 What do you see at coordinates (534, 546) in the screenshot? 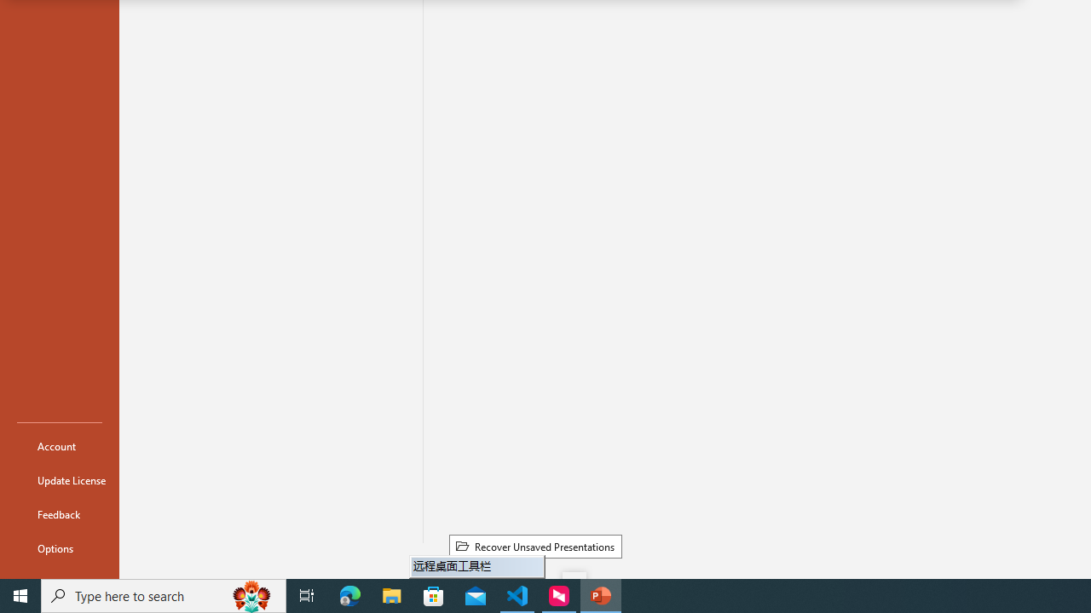
I see `'Recover Unsaved Presentations'` at bounding box center [534, 546].